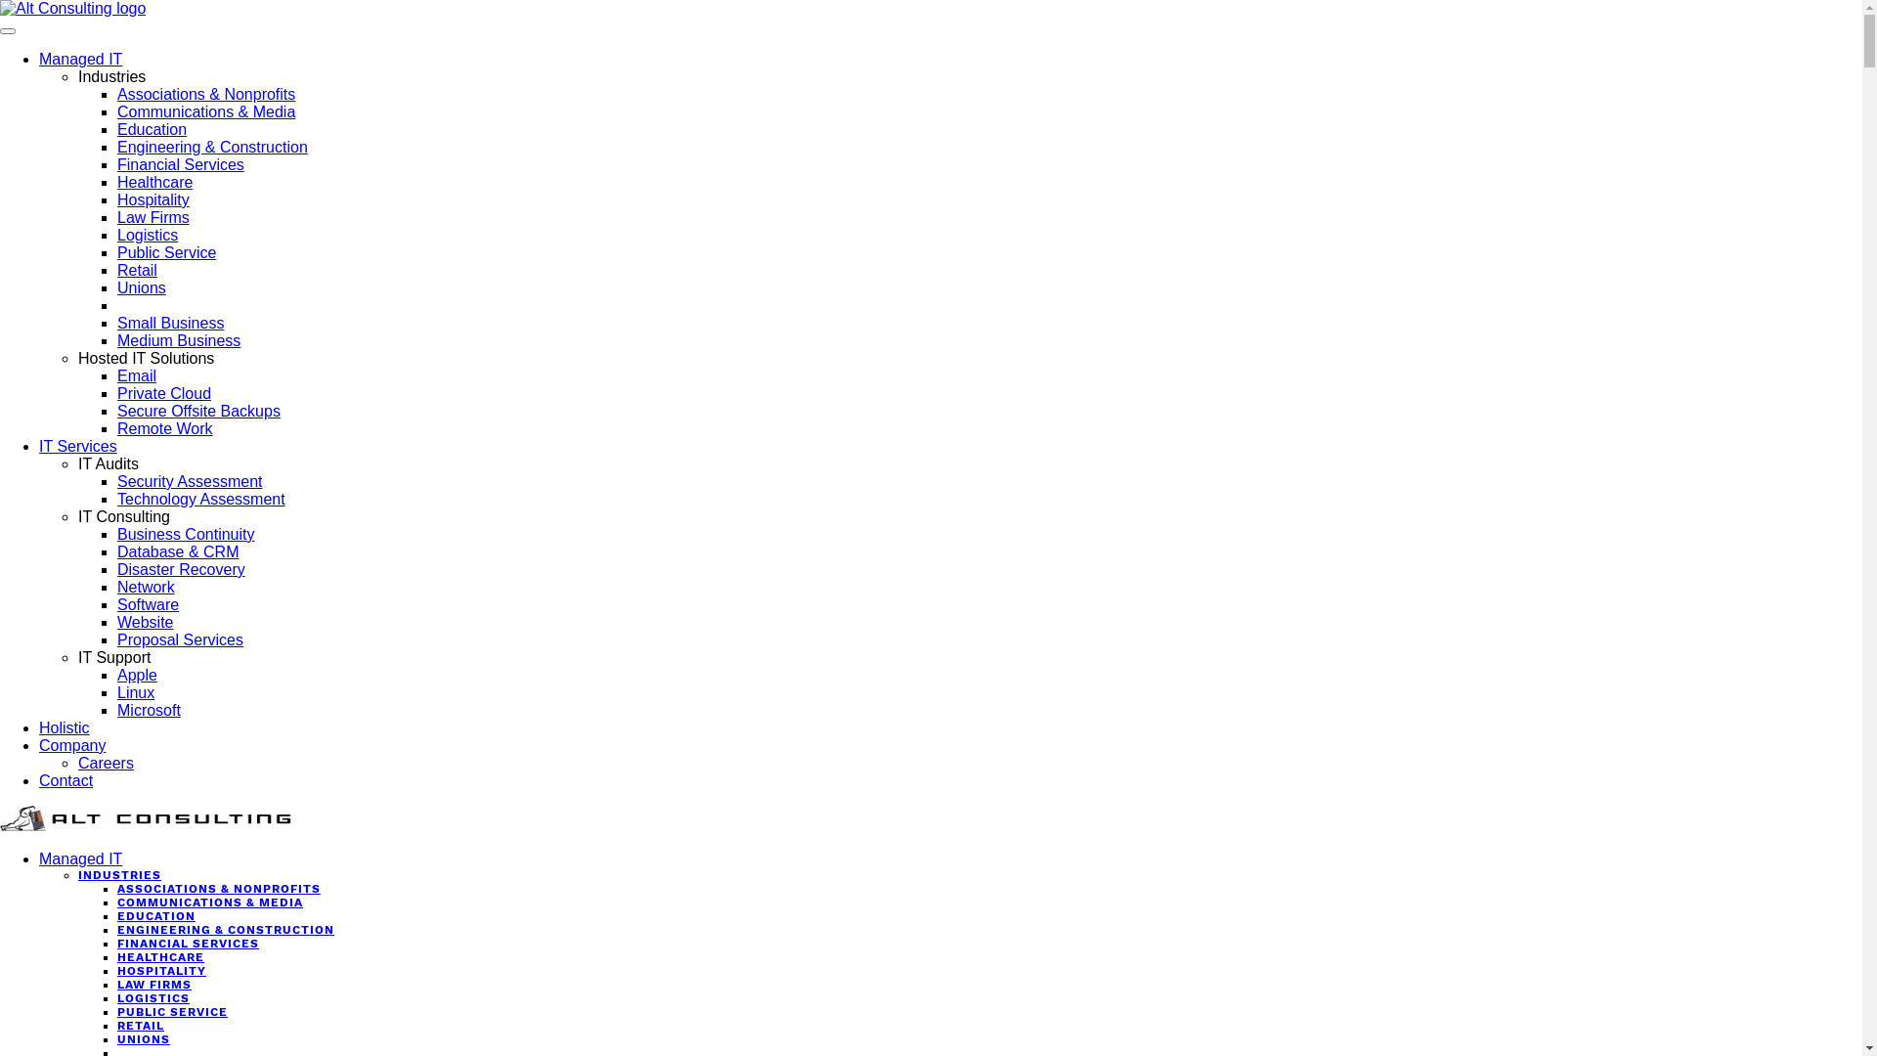 The image size is (1877, 1056). I want to click on 'ASSOCIATIONS & NONPROFITS', so click(219, 889).